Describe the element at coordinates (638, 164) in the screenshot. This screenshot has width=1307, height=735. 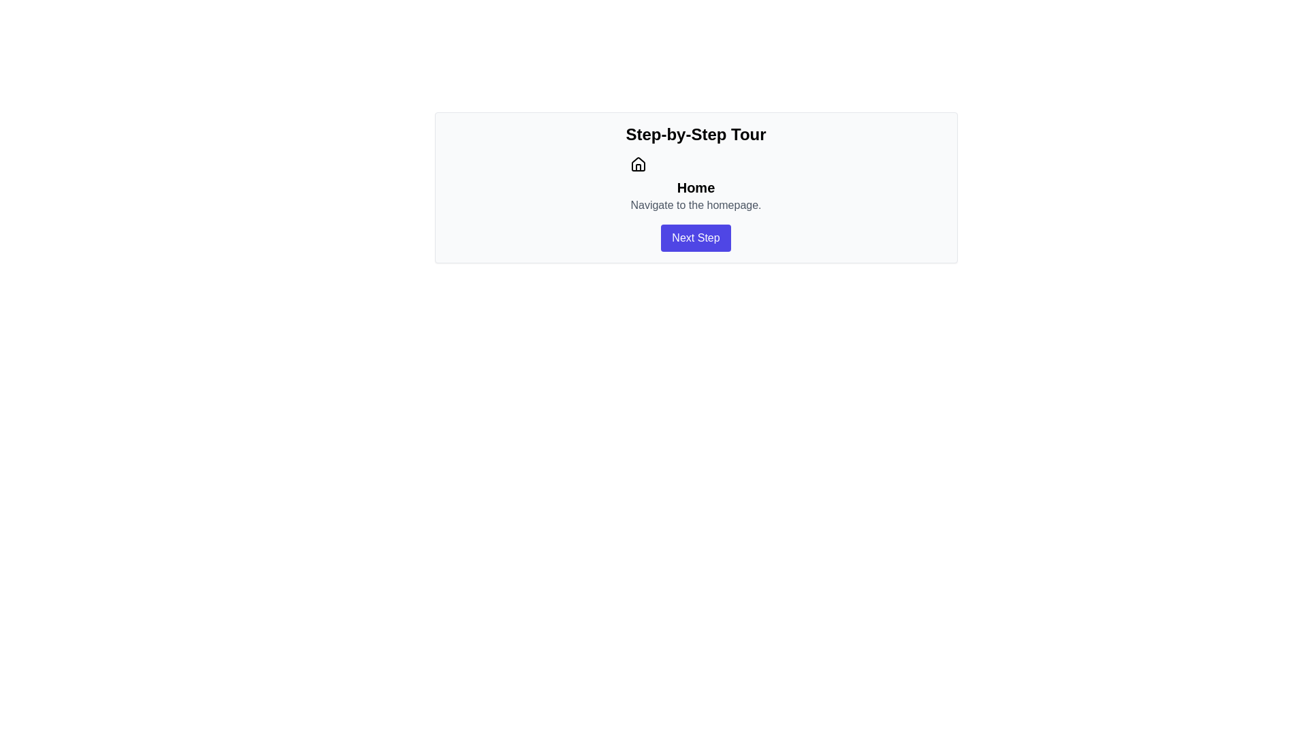
I see `the small, black, line-drawn house icon located at the top section of the card layout, above the text labeled 'Home' and 'Navigate to the homepage.'` at that location.